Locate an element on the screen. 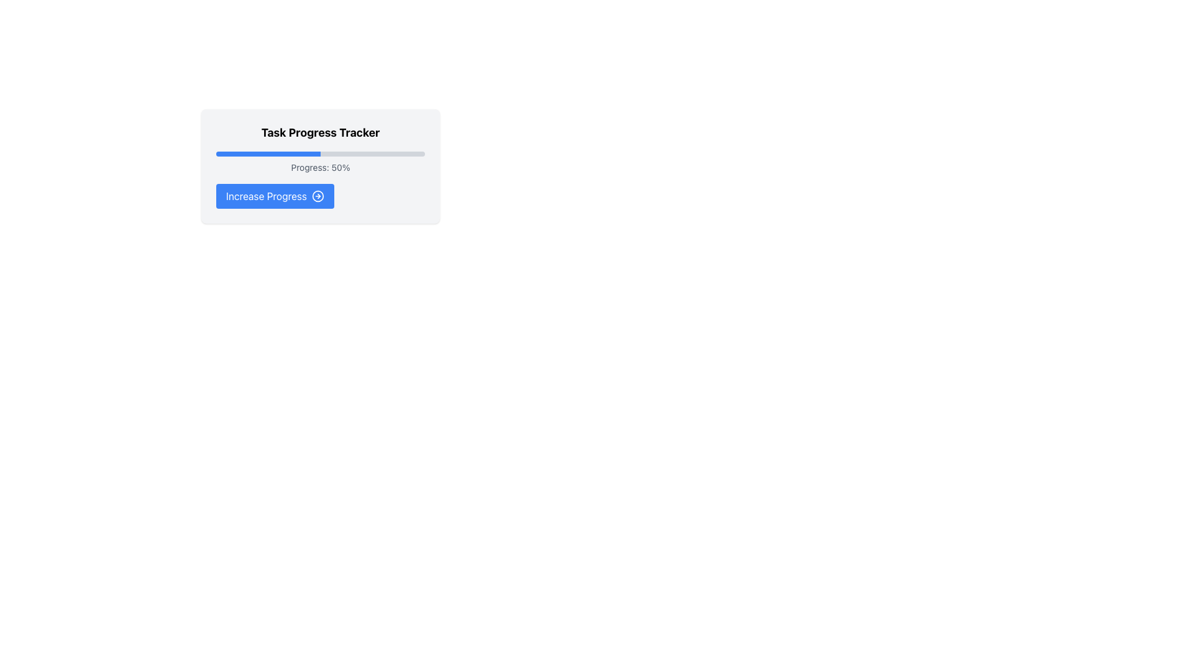 The height and width of the screenshot is (671, 1193). the decorative icon located at the rightmost end of the 'Increase Progress' button to visually reinforce the action of progressing forward is located at coordinates (318, 196).